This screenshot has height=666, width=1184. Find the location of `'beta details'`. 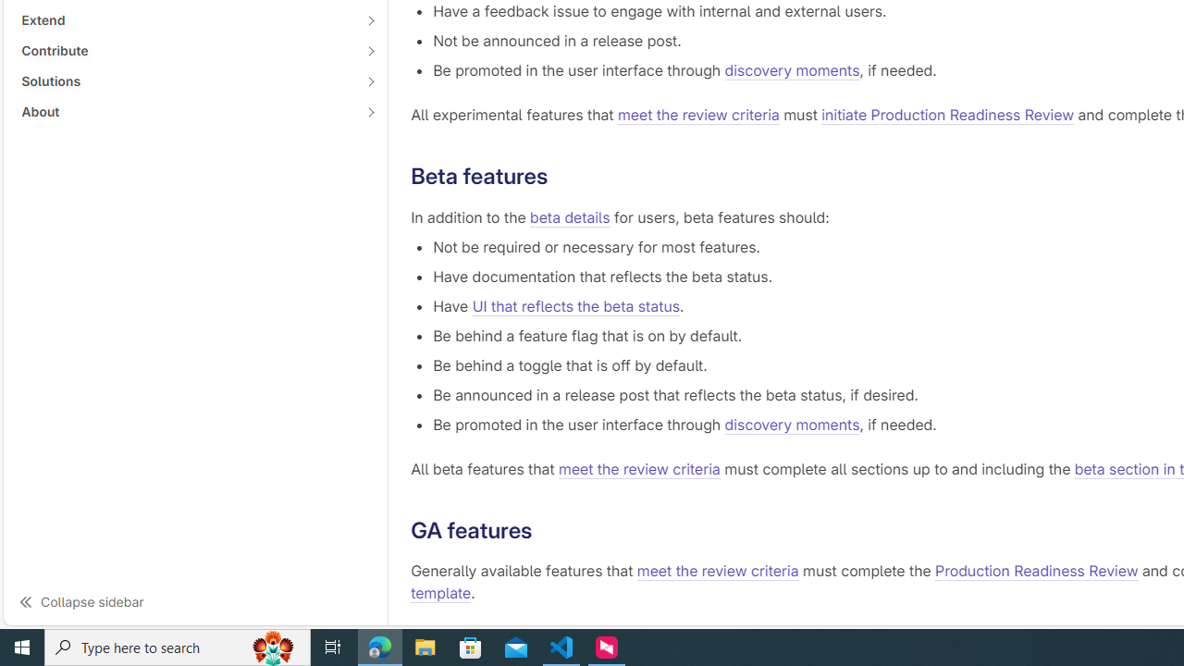

'beta details' is located at coordinates (569, 216).